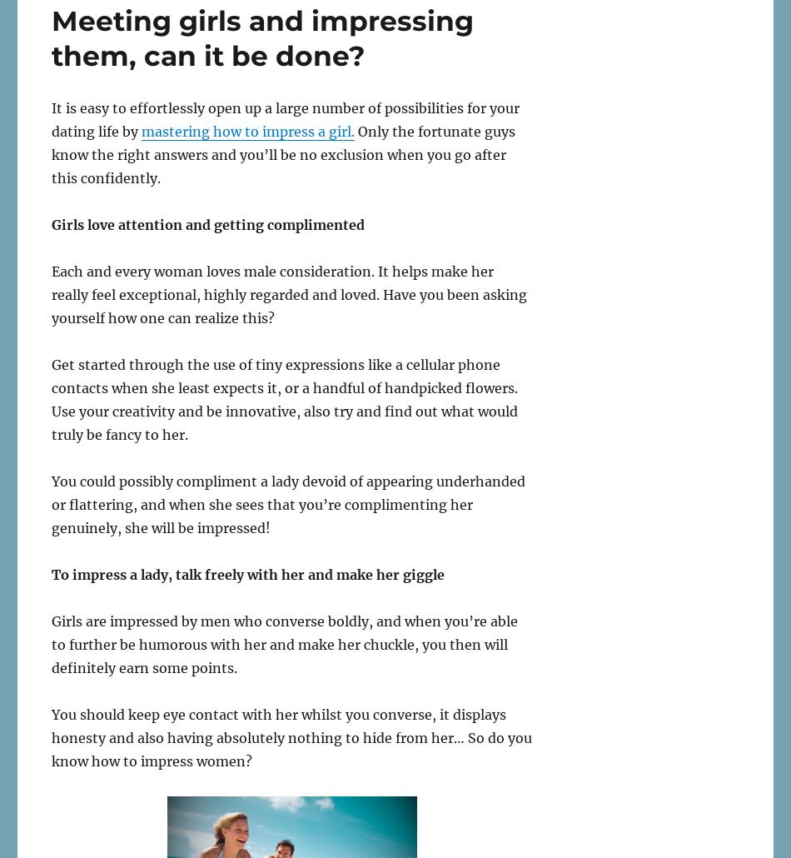  Describe the element at coordinates (282, 153) in the screenshot. I see `'Only the fortunate guys know the right answers and you’ll be no exclusion when you go after this confidently.'` at that location.